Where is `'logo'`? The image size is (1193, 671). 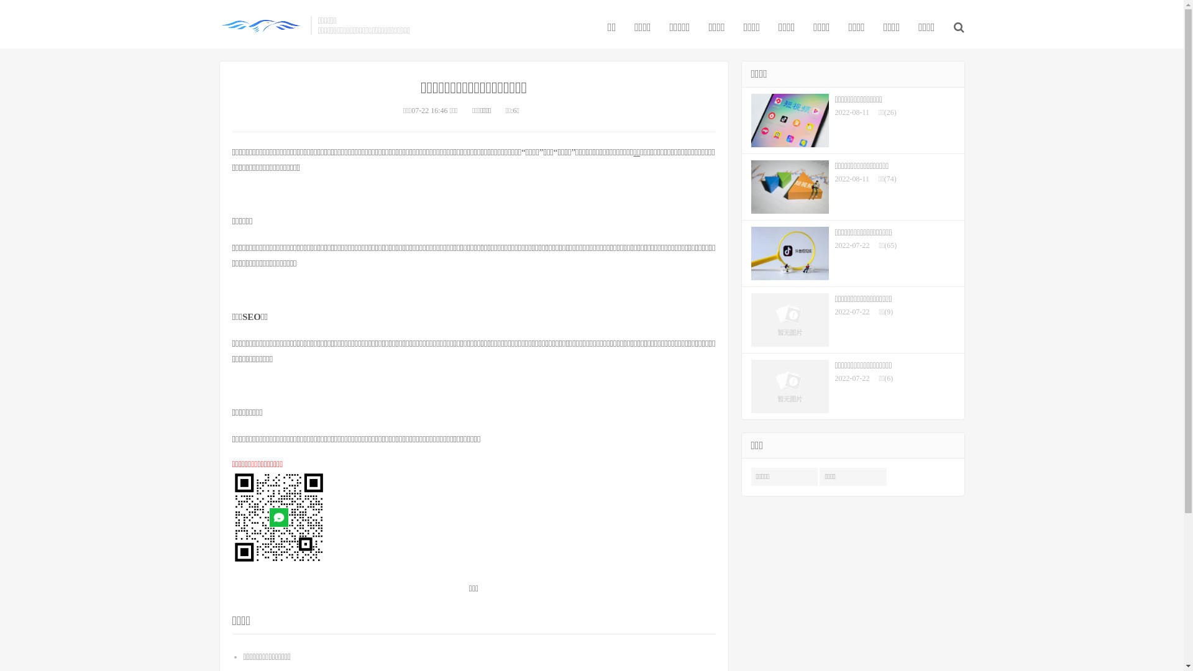 'logo' is located at coordinates (218, 25).